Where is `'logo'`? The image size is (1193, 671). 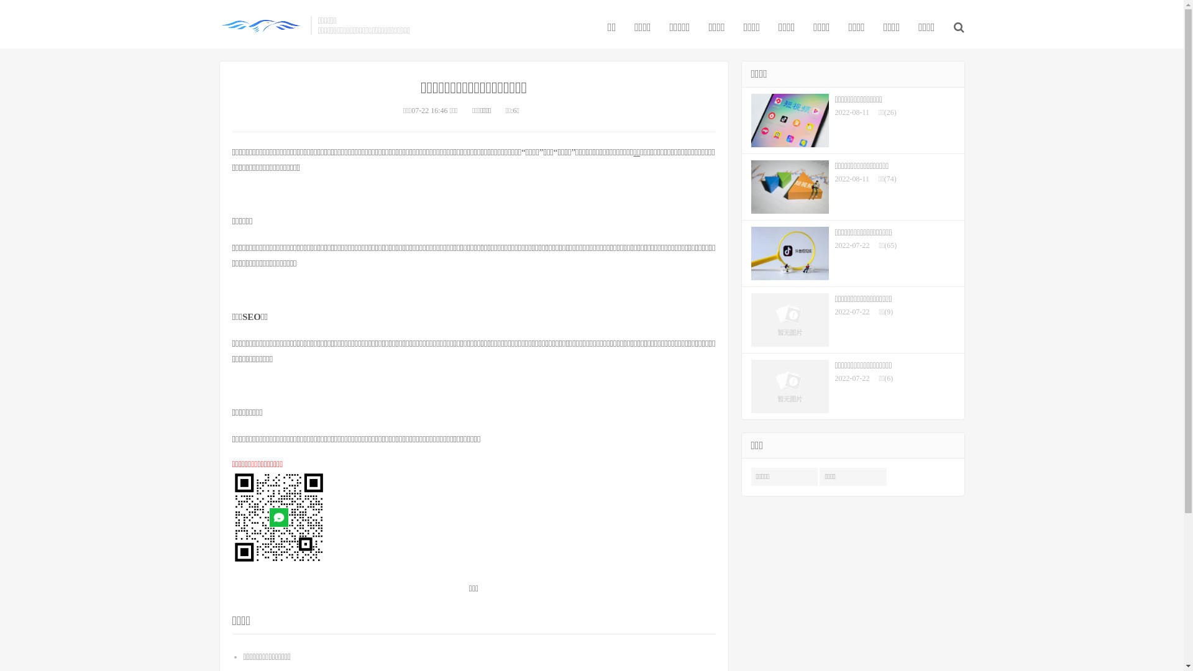 'logo' is located at coordinates (218, 25).